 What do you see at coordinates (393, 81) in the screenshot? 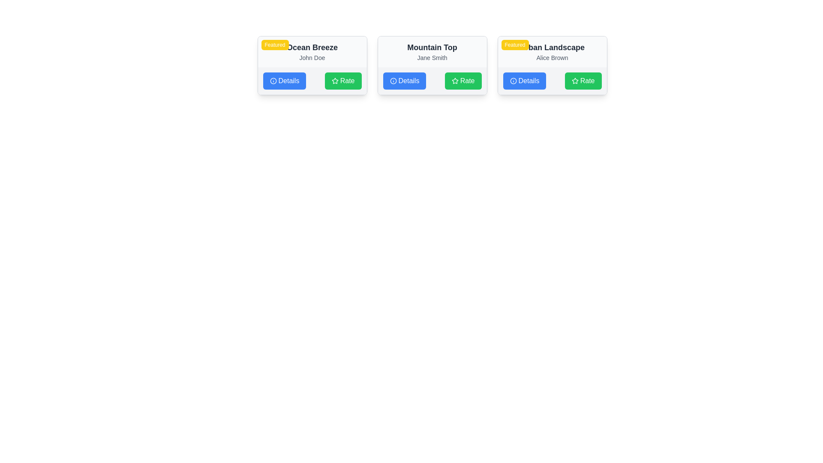
I see `the circular 'i' icon with a blue background and white outline located within the 'Details' button of the middle card` at bounding box center [393, 81].